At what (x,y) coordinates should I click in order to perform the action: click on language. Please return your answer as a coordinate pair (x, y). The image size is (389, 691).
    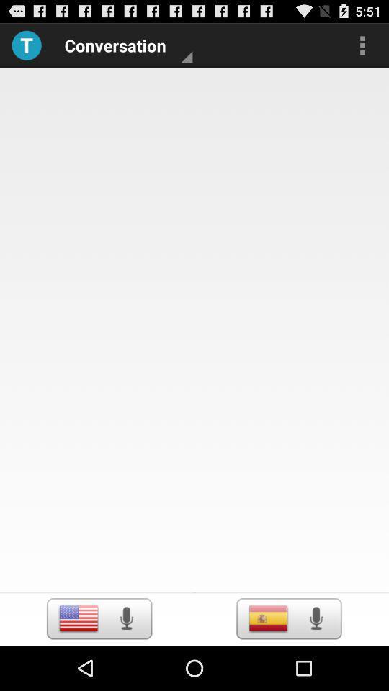
    Looking at the image, I should click on (268, 618).